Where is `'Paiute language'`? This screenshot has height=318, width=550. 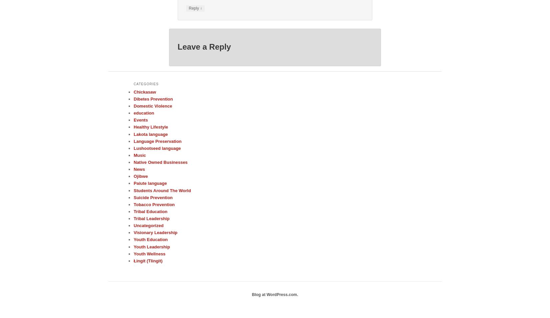 'Paiute language' is located at coordinates (133, 183).